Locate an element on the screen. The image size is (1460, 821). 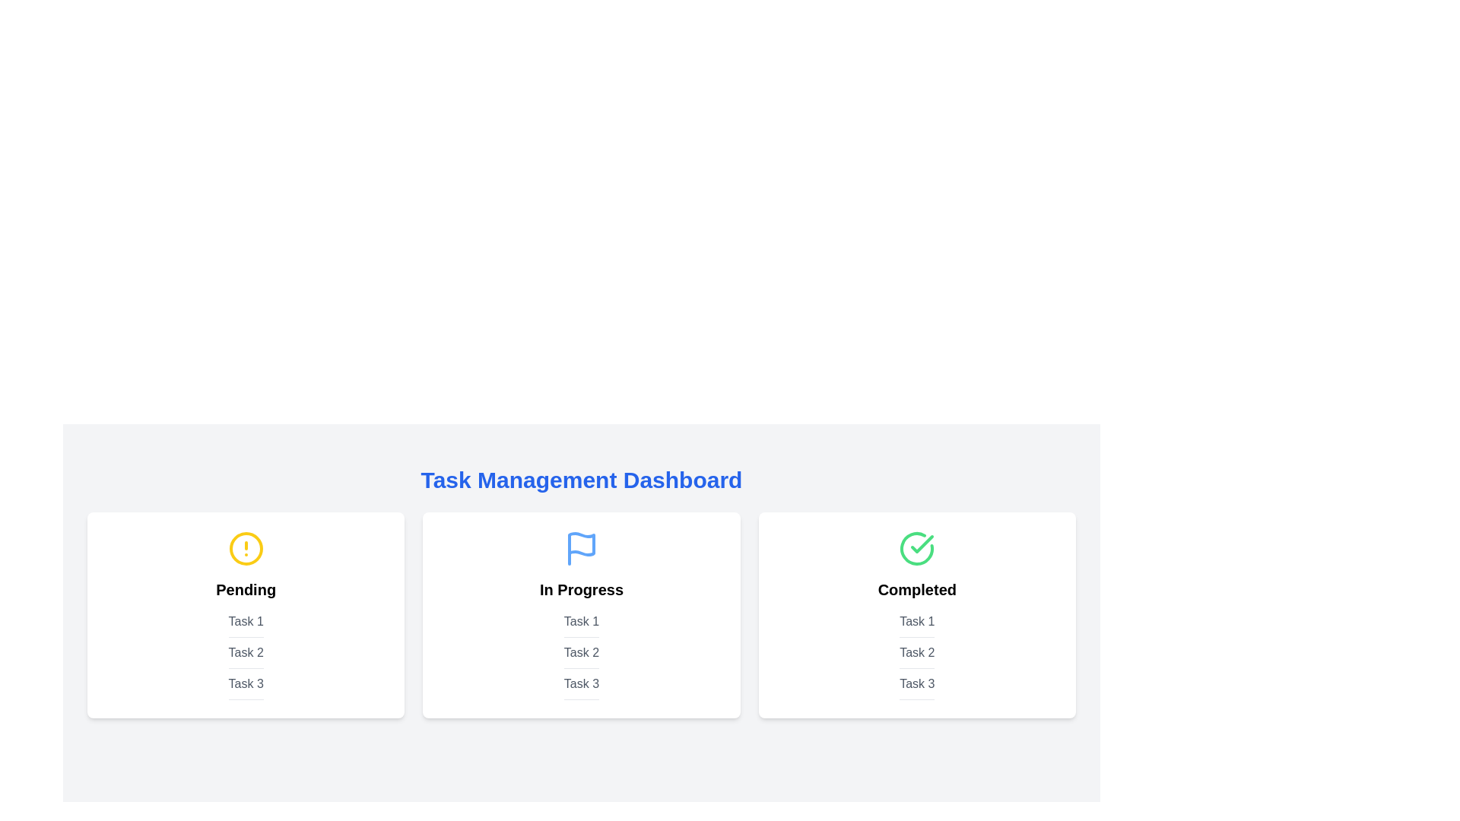
the 'Task 2' text label element, which is the second item in the vertically stacked list of tasks labeled 'Pending' is located at coordinates (246, 655).